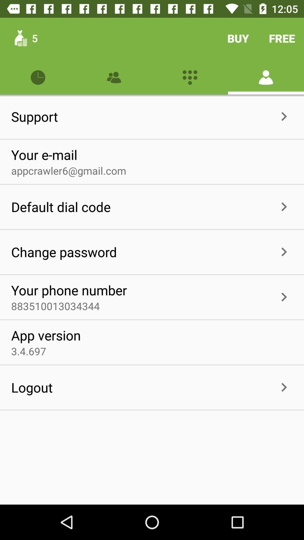  I want to click on item above the appcrawler6@gmail.com item, so click(44, 155).